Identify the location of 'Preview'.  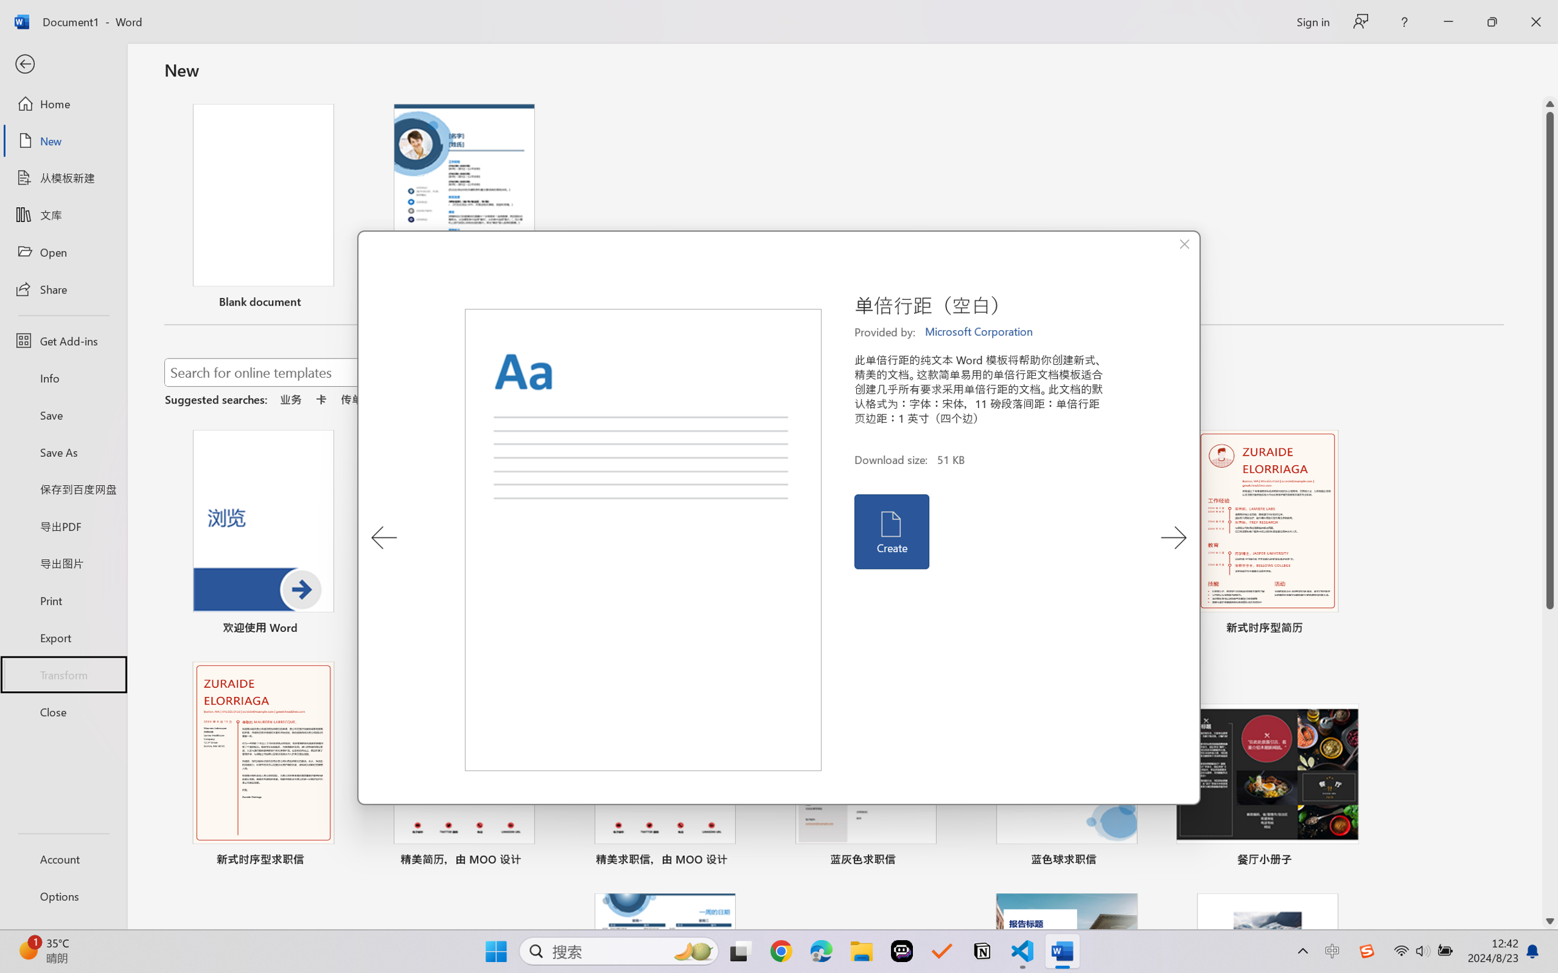
(643, 540).